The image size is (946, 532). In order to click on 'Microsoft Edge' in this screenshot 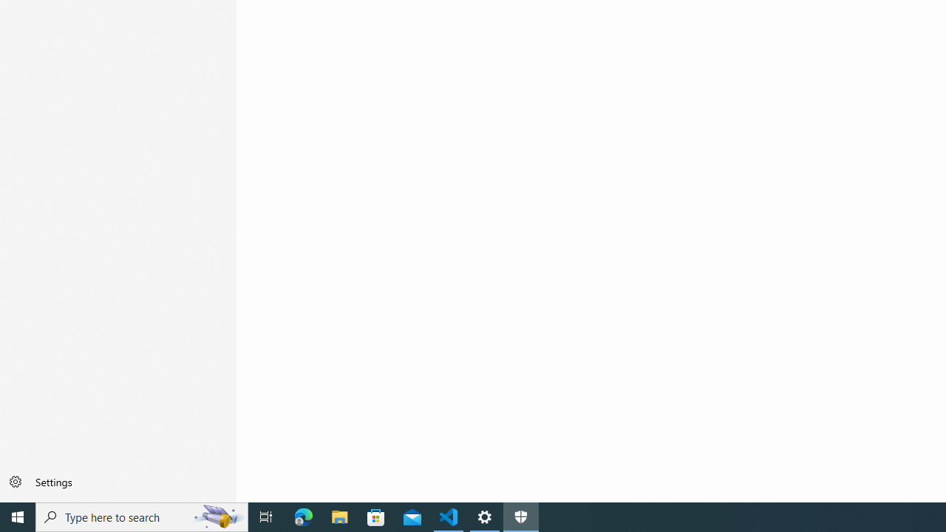, I will do `click(303, 516)`.